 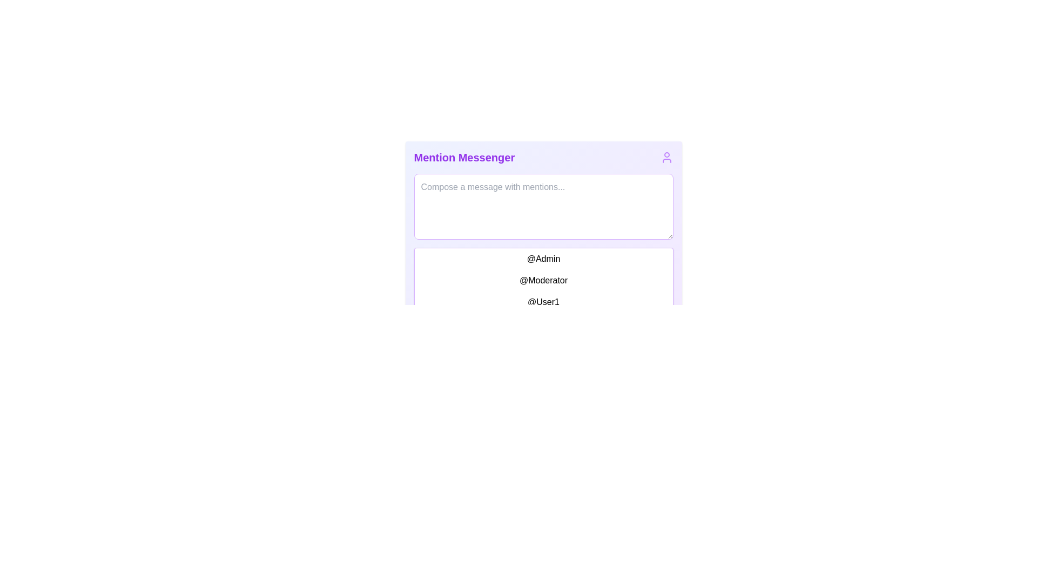 What do you see at coordinates (543, 291) in the screenshot?
I see `the third item in the selectable list of usernames, which is displayed with an '@' prefix and is located below '@Moderator' and above '@User2'` at bounding box center [543, 291].